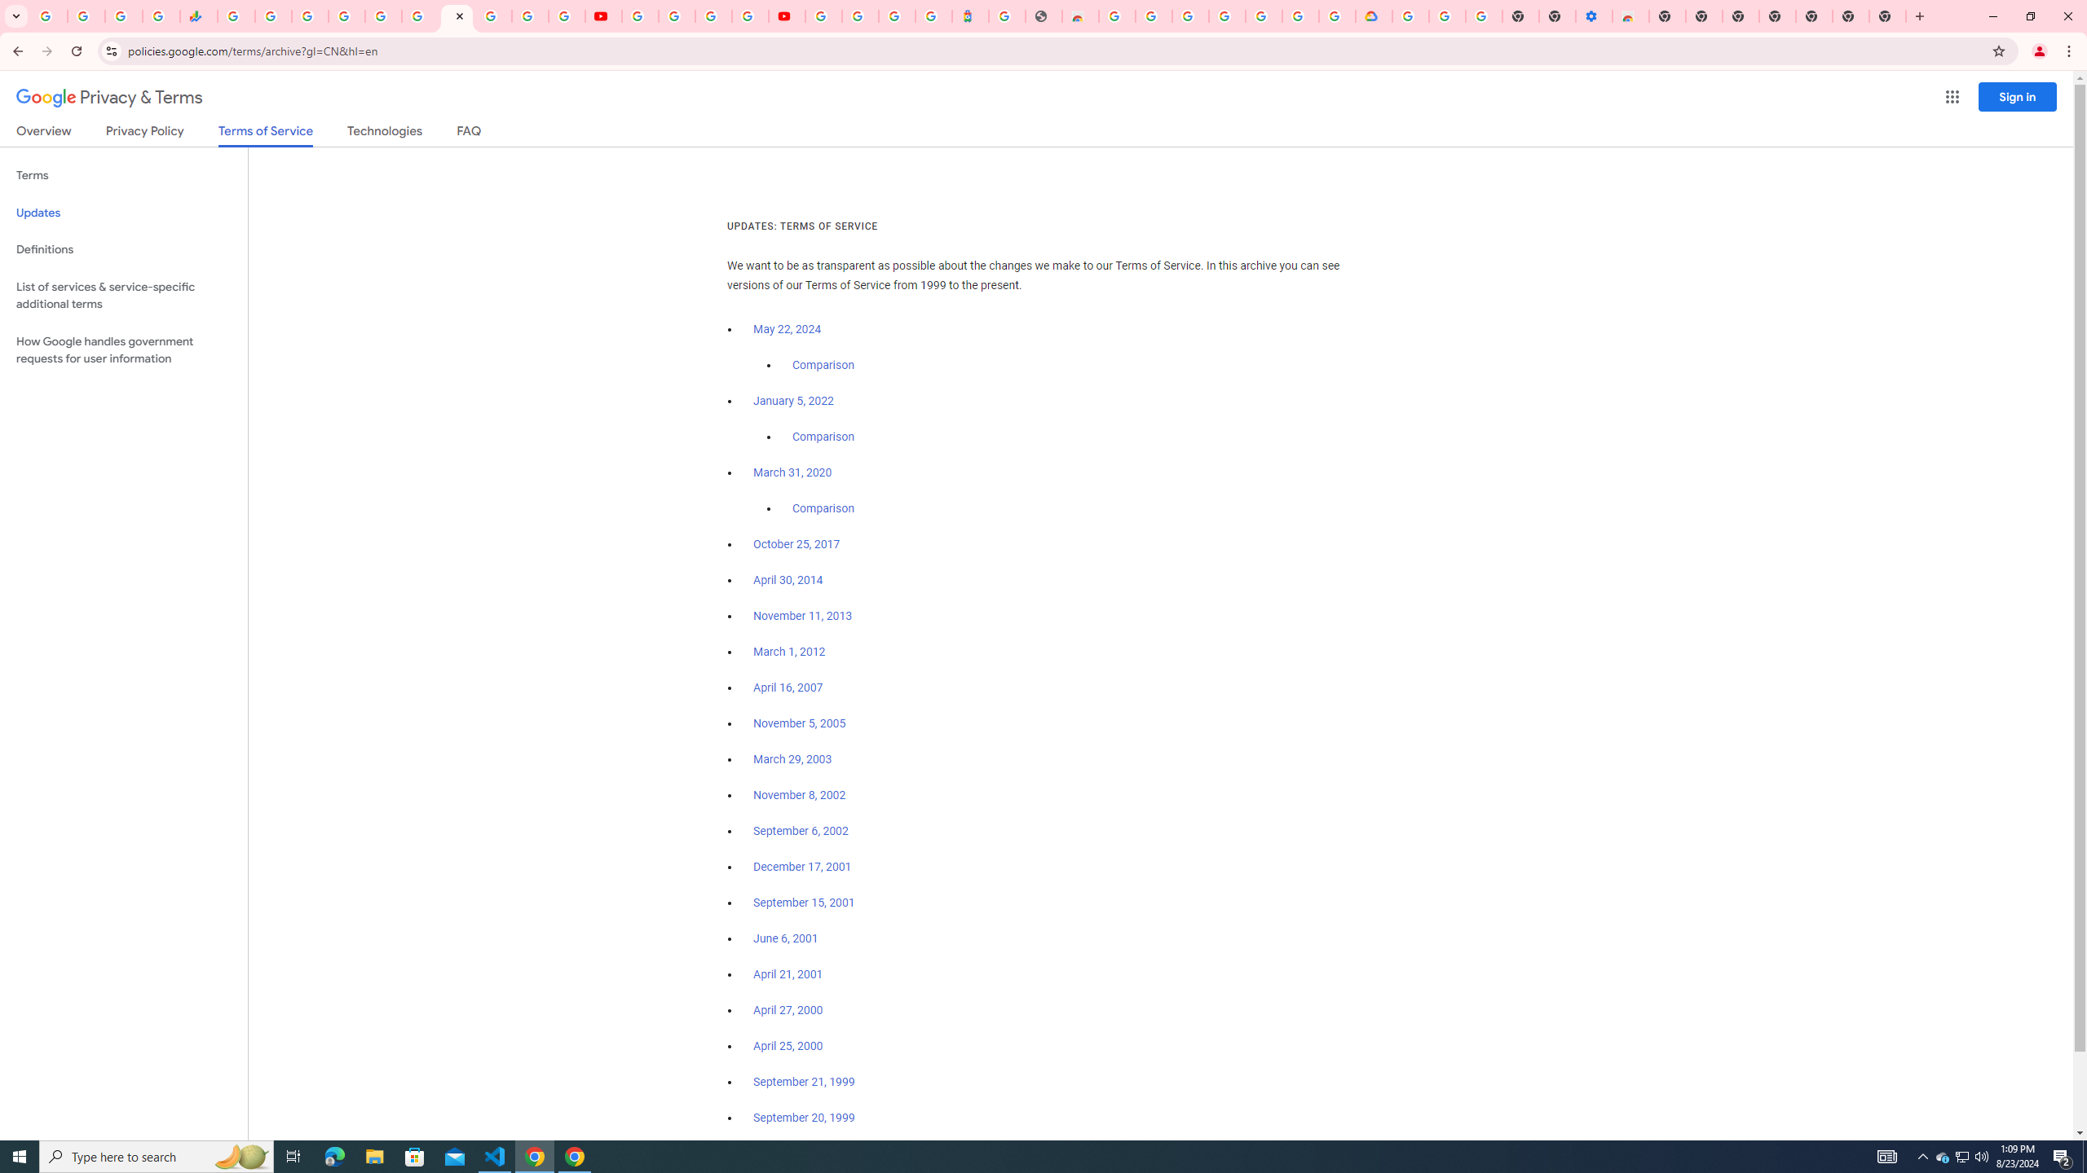 The image size is (2087, 1173). Describe the element at coordinates (792, 759) in the screenshot. I see `'March 29, 2003'` at that location.